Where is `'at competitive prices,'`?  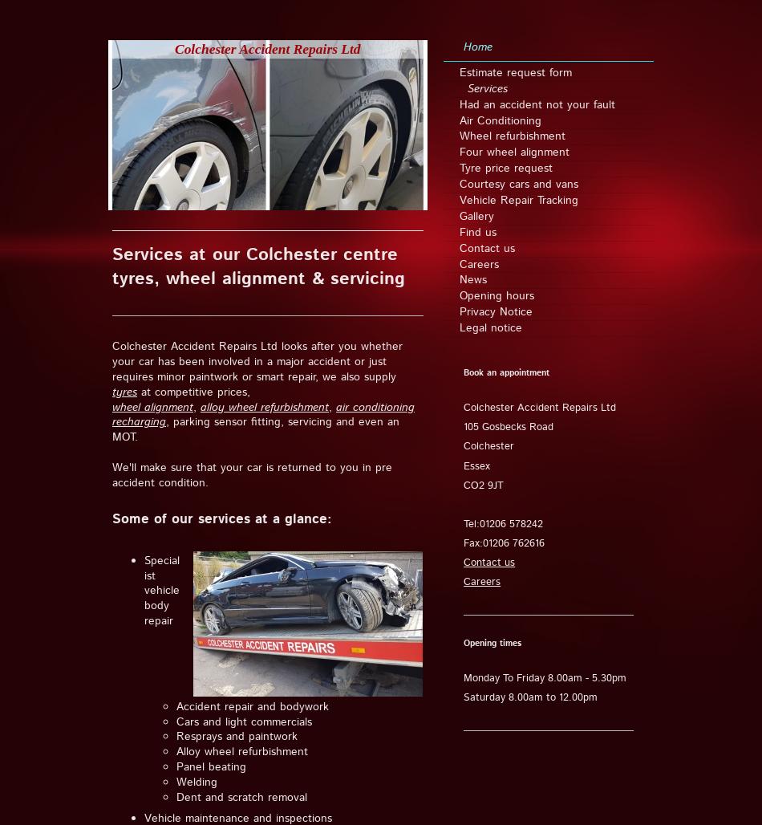
'at competitive prices,' is located at coordinates (193, 390).